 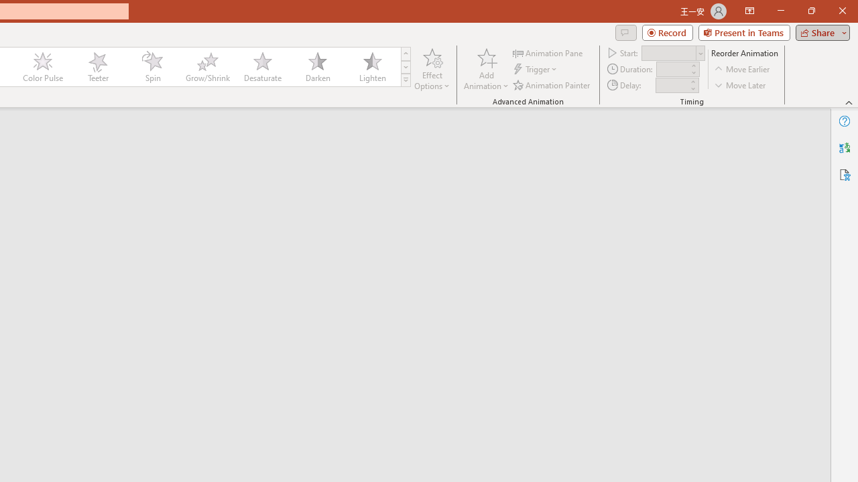 What do you see at coordinates (316, 67) in the screenshot?
I see `'Darken'` at bounding box center [316, 67].